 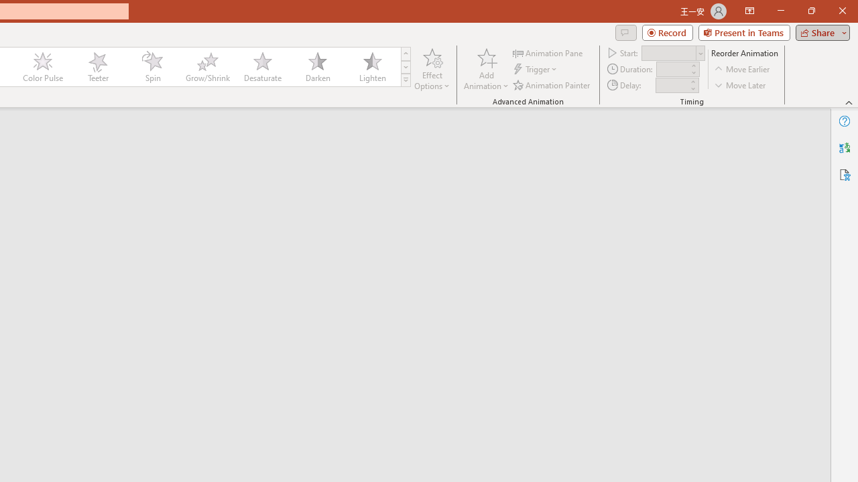 What do you see at coordinates (316, 67) in the screenshot?
I see `'Darken'` at bounding box center [316, 67].